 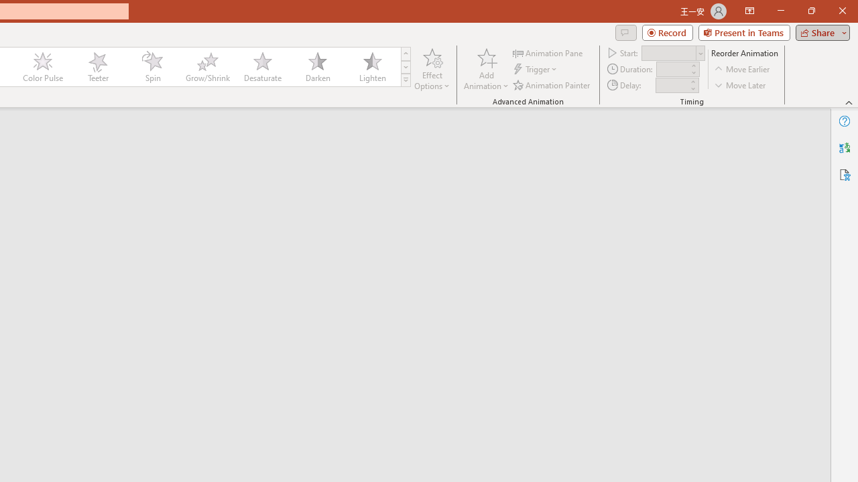 What do you see at coordinates (316, 67) in the screenshot?
I see `'Darken'` at bounding box center [316, 67].